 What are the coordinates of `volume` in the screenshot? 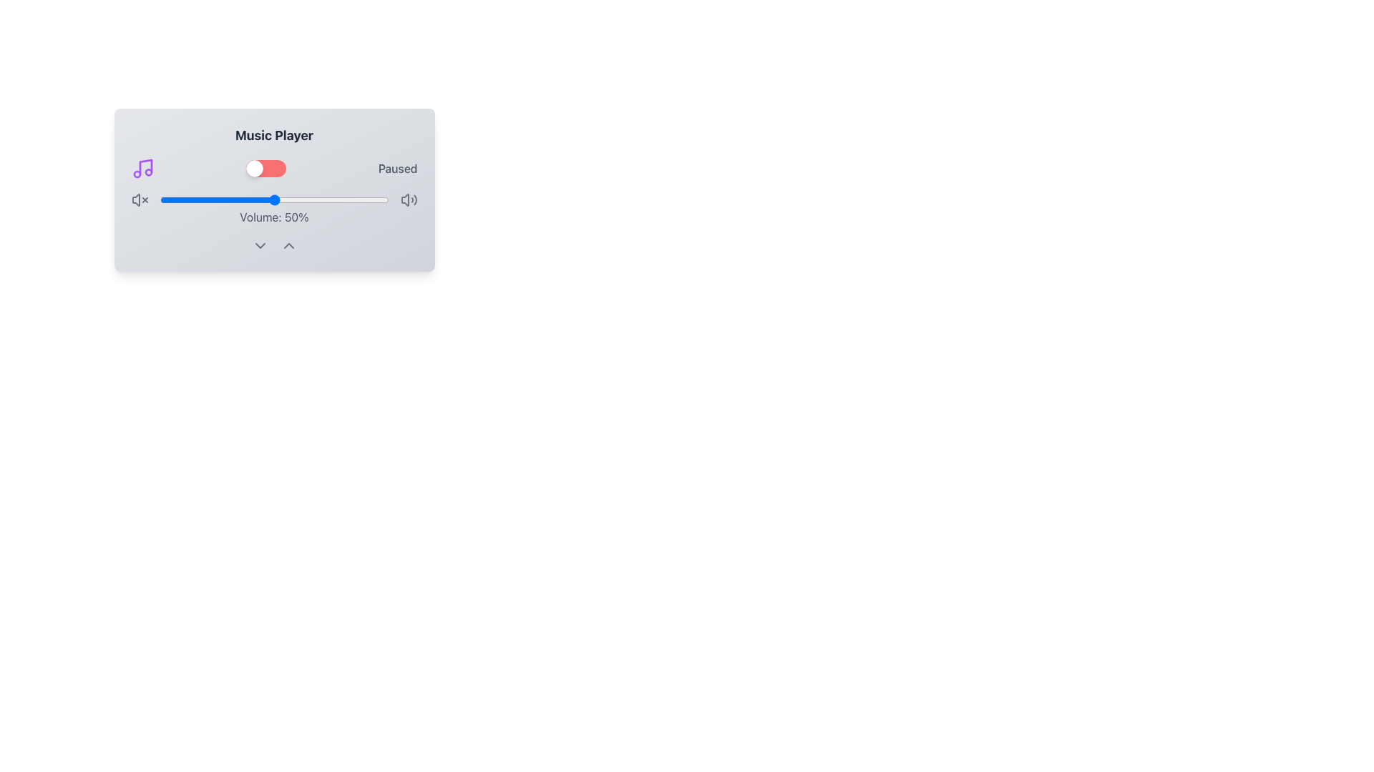 It's located at (216, 200).